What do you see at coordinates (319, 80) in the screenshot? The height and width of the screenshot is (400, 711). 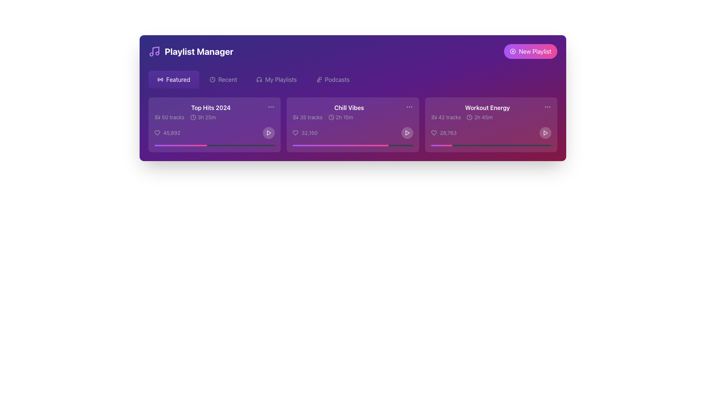 I see `the podcast icon located in the top menu section of the interface, which serves as a visual representation for the 'Podcasts' menu option` at bounding box center [319, 80].